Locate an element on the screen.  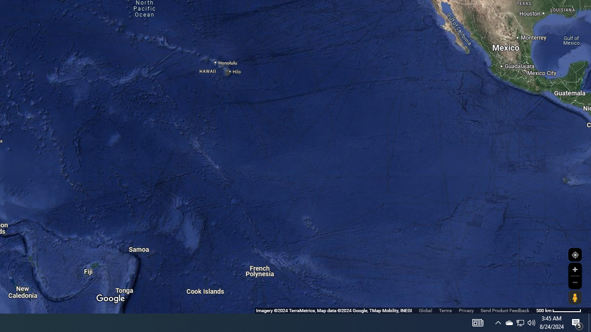
'Send Product Feedback' is located at coordinates (504, 310).